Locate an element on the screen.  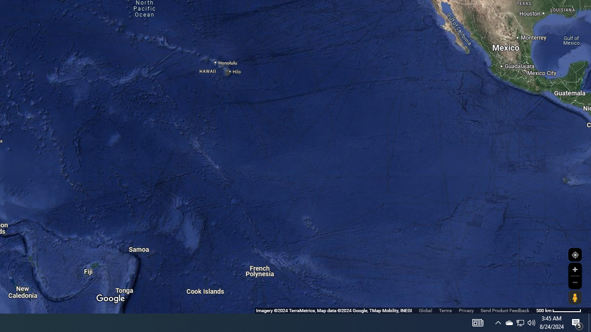
'Send Product Feedback' is located at coordinates (504, 310).